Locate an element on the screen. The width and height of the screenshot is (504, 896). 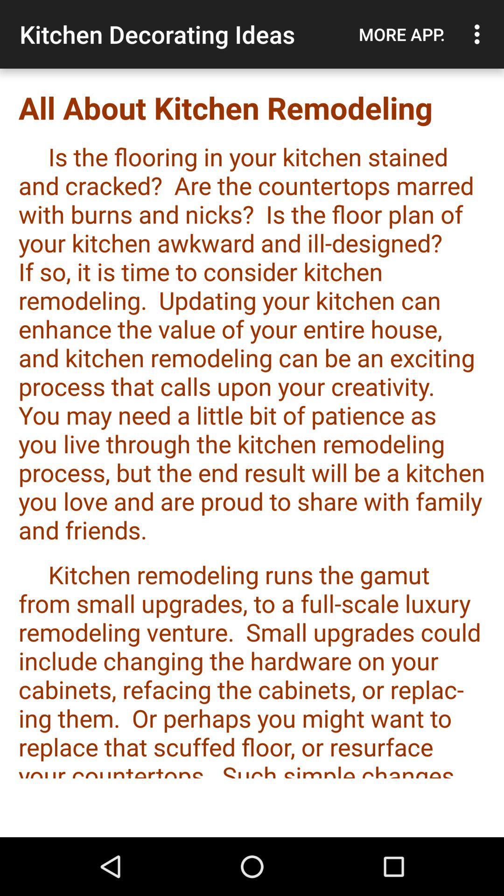
item next to the more app. icon is located at coordinates (479, 34).